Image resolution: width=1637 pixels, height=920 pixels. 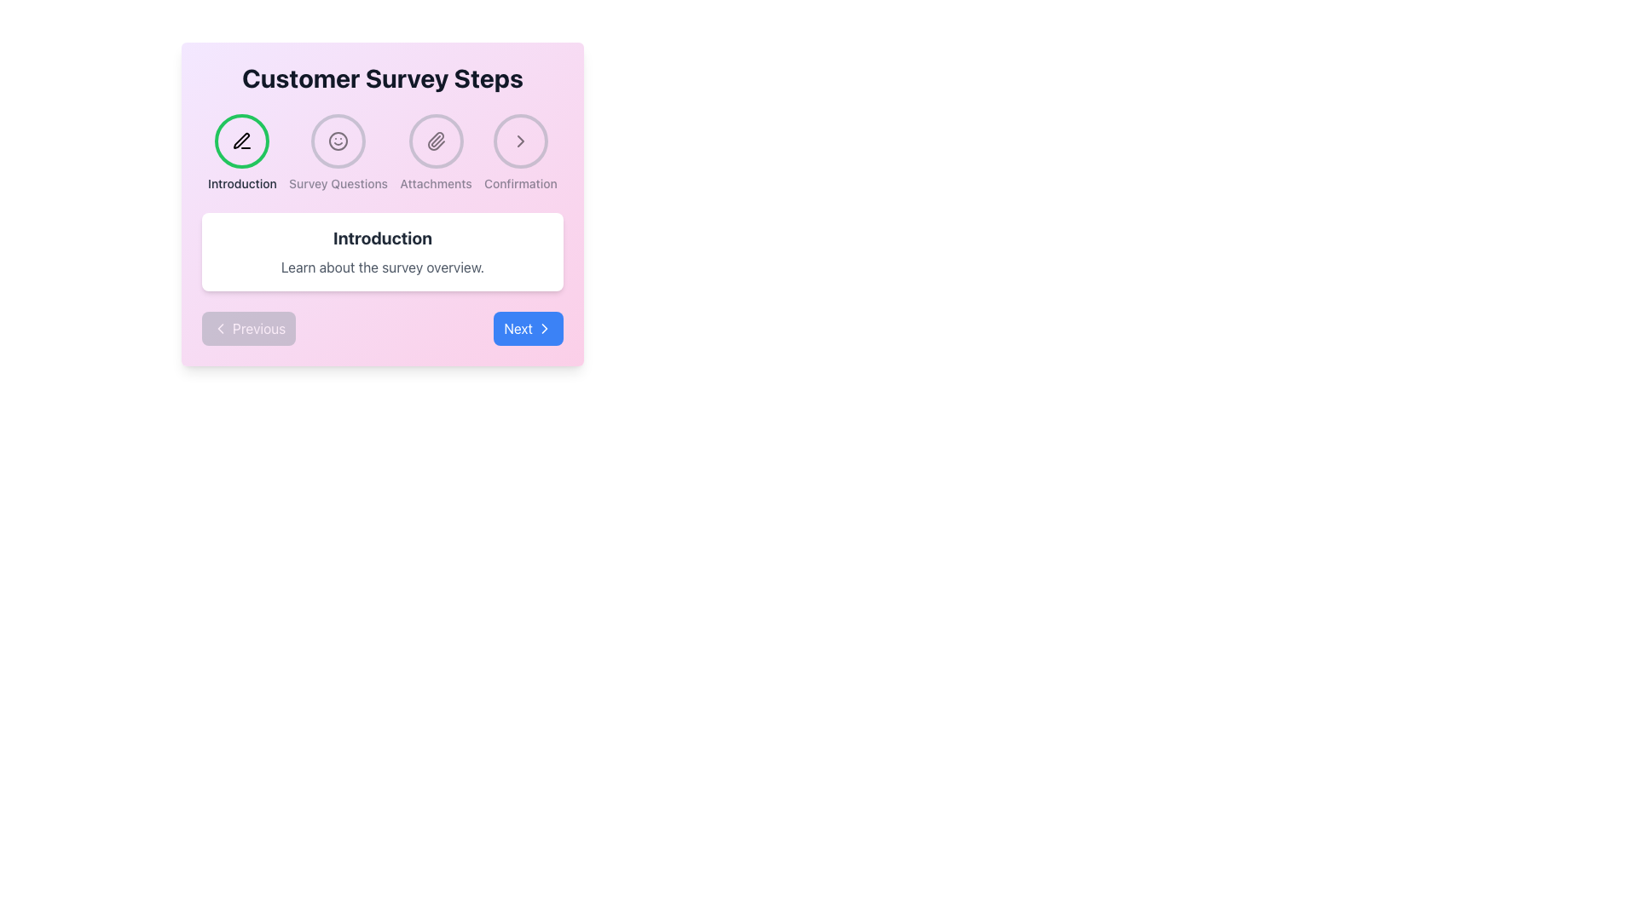 What do you see at coordinates (382, 210) in the screenshot?
I see `the highlighted 'Introduction' button in the Multi-step navigation panel` at bounding box center [382, 210].